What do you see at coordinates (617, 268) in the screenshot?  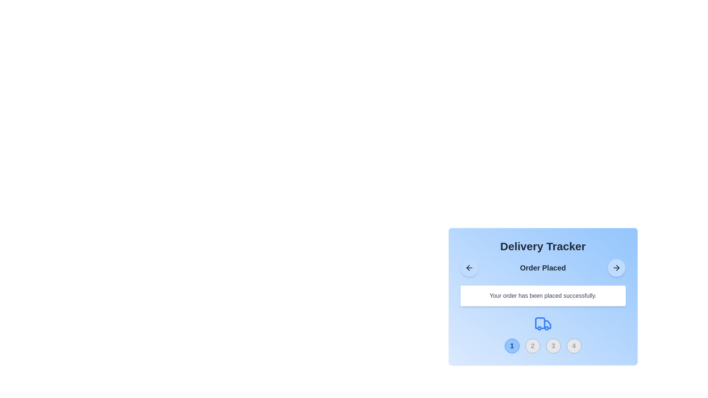 I see `the circular blue button with a right arrow icon beside the text 'Order Placed'` at bounding box center [617, 268].